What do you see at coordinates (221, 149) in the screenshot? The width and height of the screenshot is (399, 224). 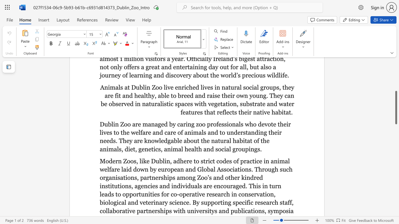 I see `the subset text "cia" within the text ", genetics, animal health and social groupings."` at bounding box center [221, 149].